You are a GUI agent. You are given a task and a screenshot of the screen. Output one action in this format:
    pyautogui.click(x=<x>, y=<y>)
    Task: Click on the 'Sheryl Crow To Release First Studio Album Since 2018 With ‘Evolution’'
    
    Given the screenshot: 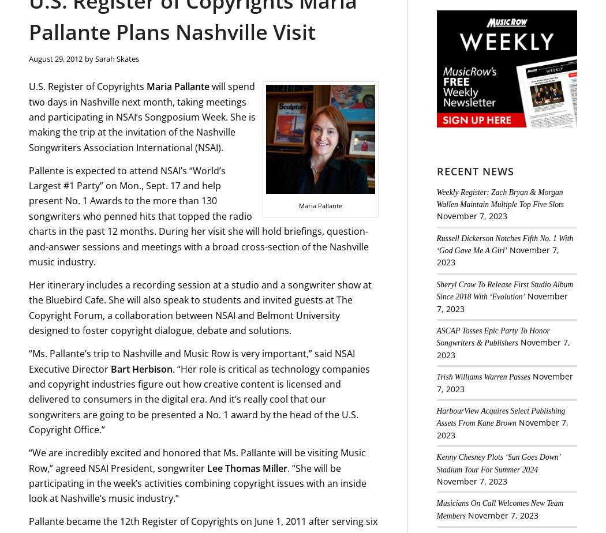 What is the action you would take?
    pyautogui.click(x=504, y=290)
    